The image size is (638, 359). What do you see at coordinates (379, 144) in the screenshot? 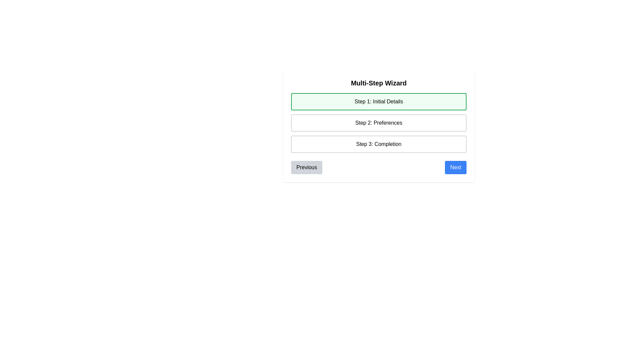
I see `the card labeled 'Step 3: Completion', which is styled as a rectangular UI component with a border and contains center-aligned text in a sans-serif font` at bounding box center [379, 144].